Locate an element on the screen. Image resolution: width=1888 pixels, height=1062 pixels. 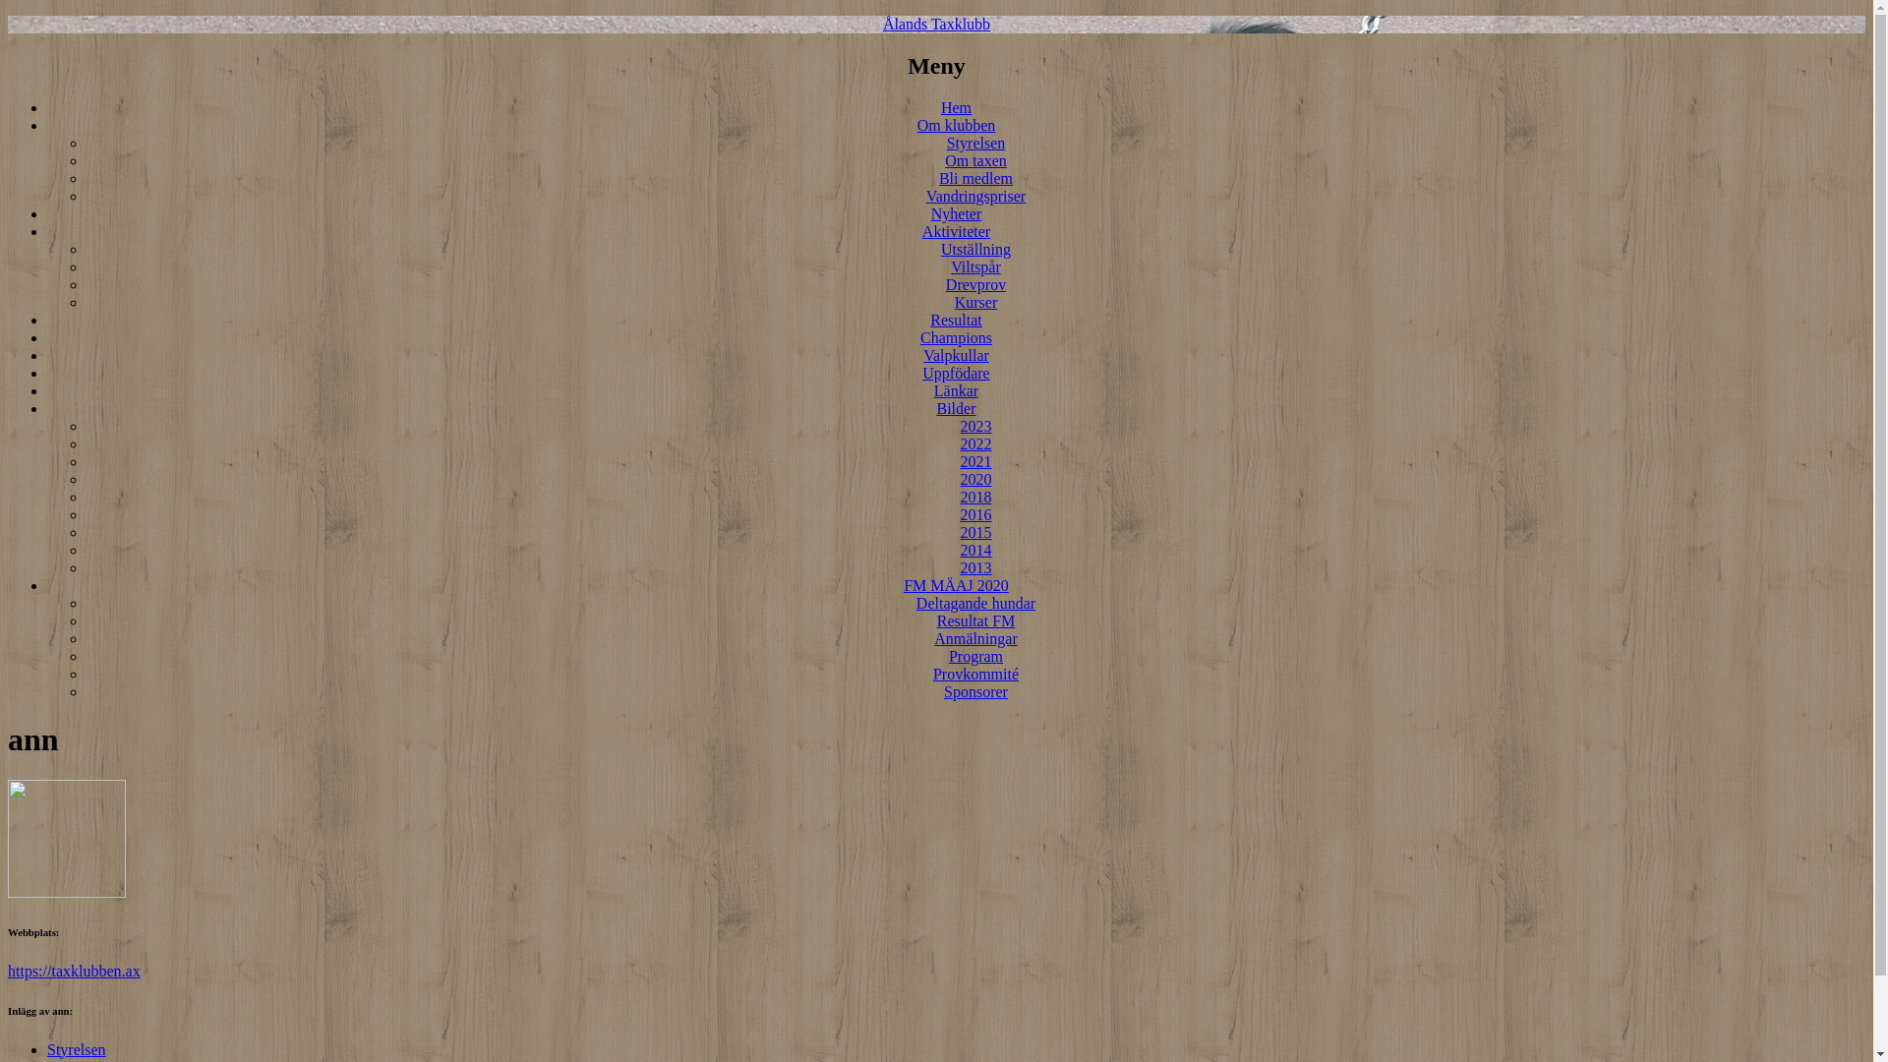
'Sponsorer' is located at coordinates (975, 690).